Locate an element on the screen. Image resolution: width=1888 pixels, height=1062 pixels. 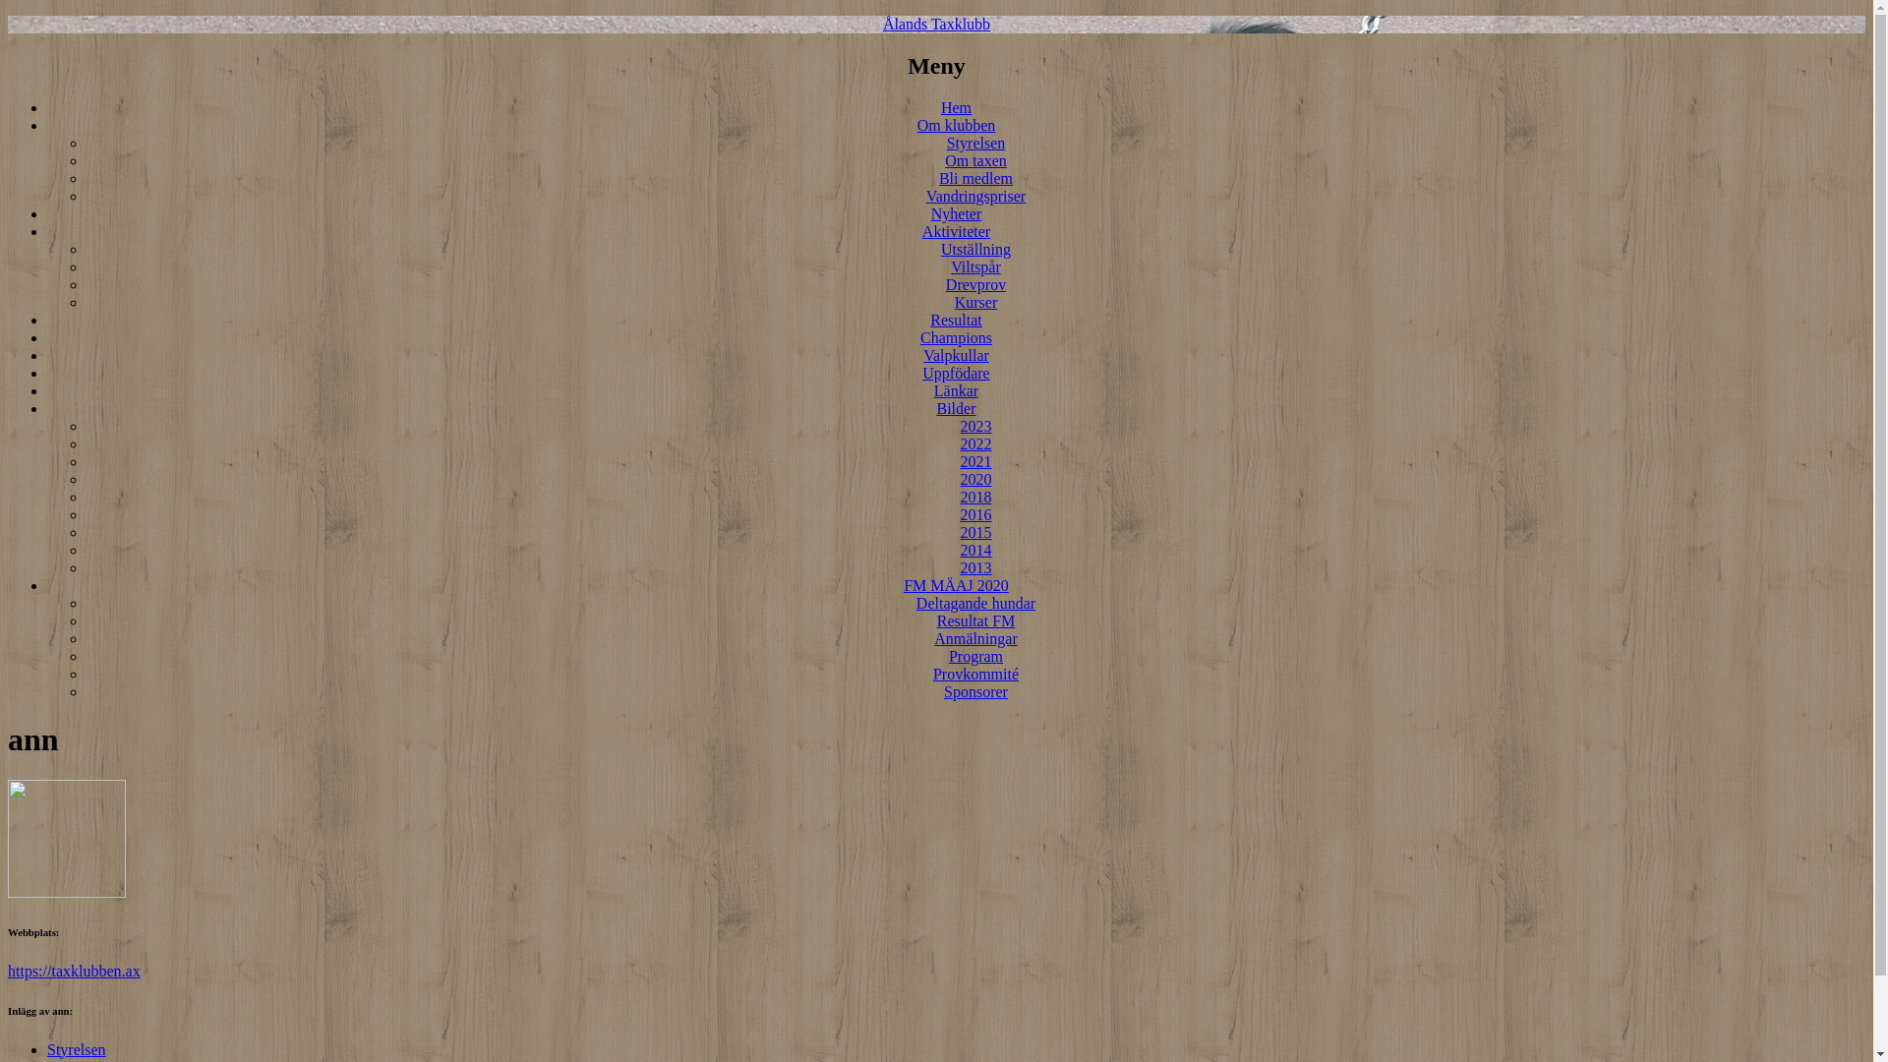
'Sponsorer' is located at coordinates (975, 690).